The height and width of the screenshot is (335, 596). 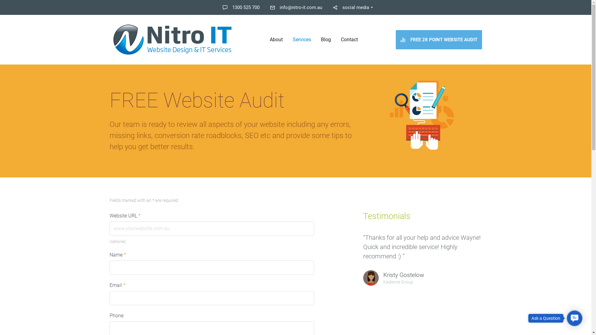 What do you see at coordinates (371, 277) in the screenshot?
I see `'avatar-8'` at bounding box center [371, 277].